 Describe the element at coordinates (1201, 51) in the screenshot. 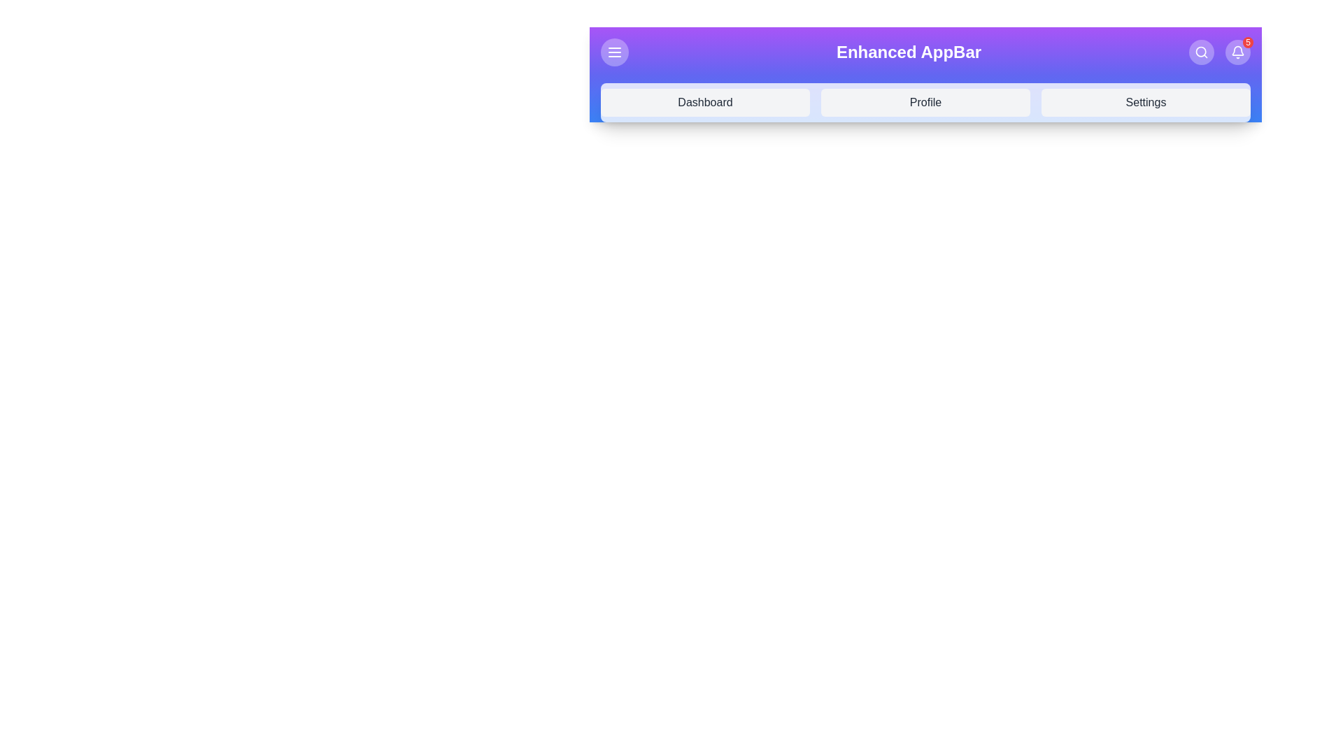

I see `the search button to initiate a search` at that location.